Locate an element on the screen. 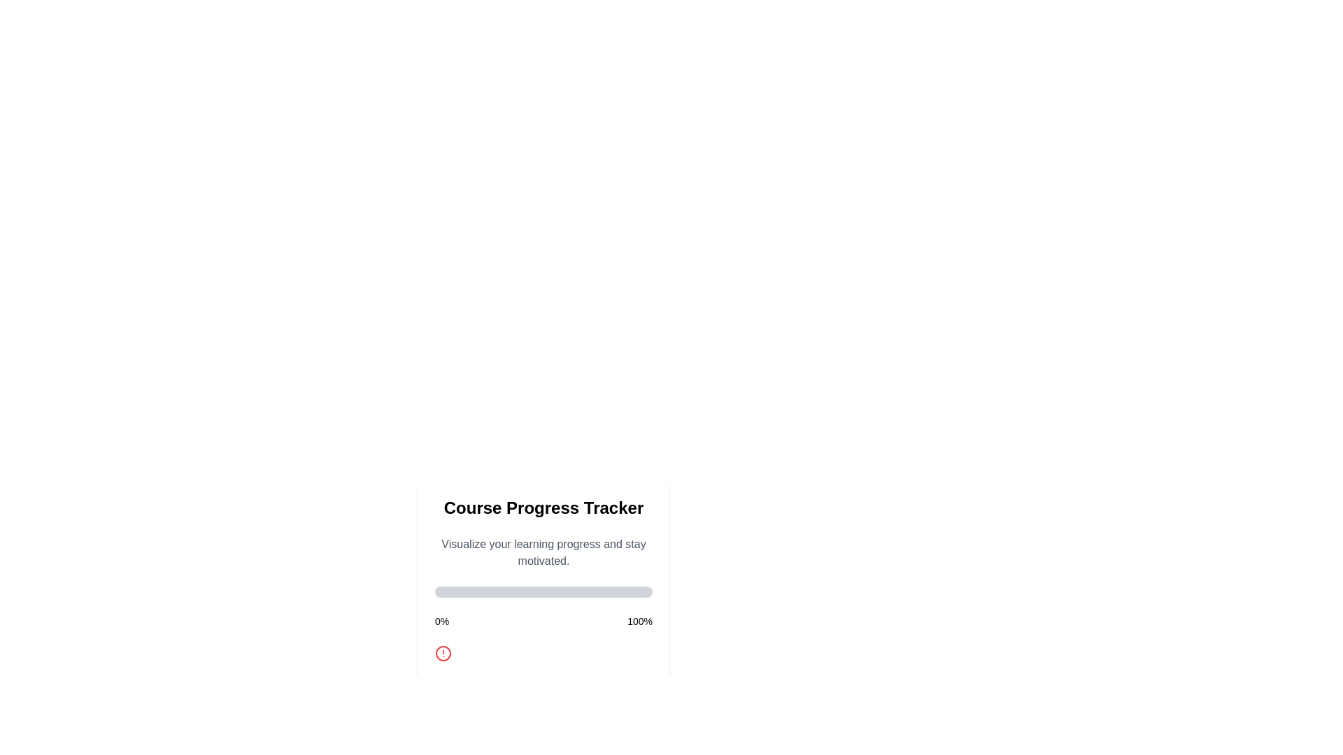 The image size is (1343, 755). the Progress Bar located beneath the title 'Course Progress Tracker' and the subtitle 'Visualize your learning progress and stay motivated', which is partially filled with a green bar indicating zero percent progress is located at coordinates (543, 592).